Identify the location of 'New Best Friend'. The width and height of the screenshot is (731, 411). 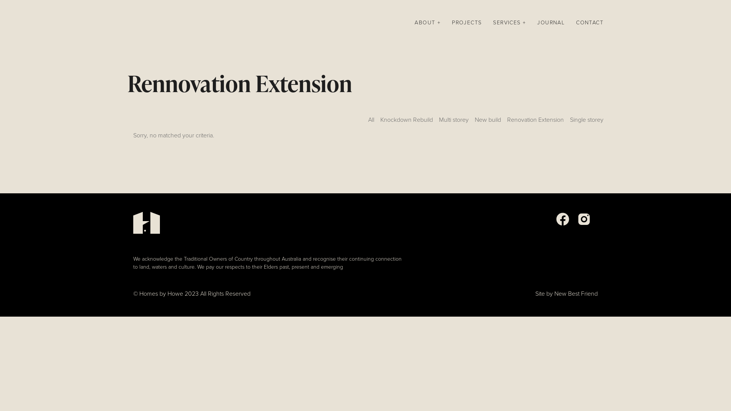
(554, 293).